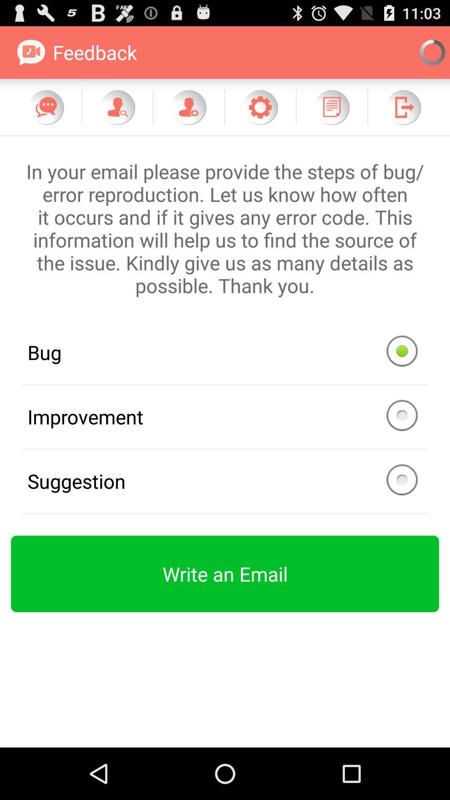  What do you see at coordinates (260, 107) in the screenshot?
I see `setting button which is at the top of the page` at bounding box center [260, 107].